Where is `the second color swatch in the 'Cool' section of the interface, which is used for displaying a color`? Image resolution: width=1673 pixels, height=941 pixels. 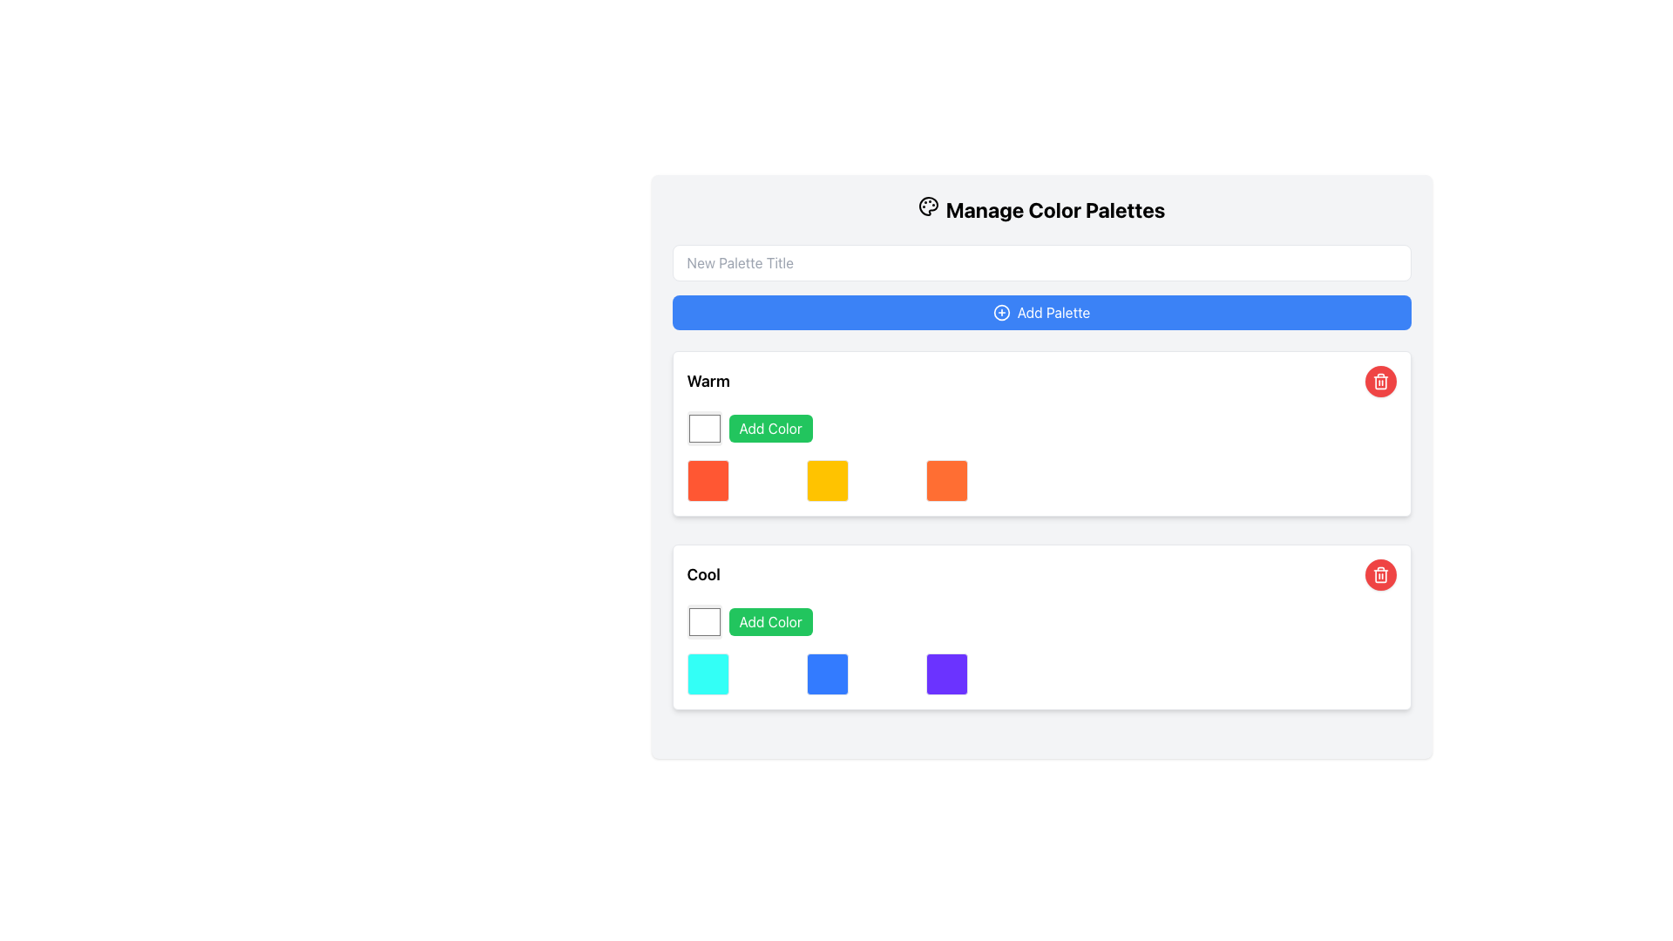
the second color swatch in the 'Cool' section of the interface, which is used for displaying a color is located at coordinates (826, 674).